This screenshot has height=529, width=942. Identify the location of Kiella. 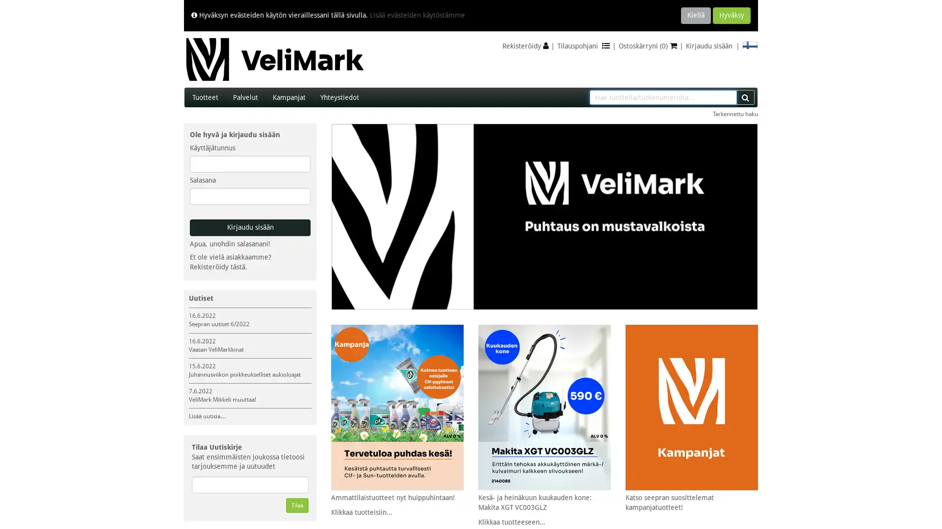
(695, 15).